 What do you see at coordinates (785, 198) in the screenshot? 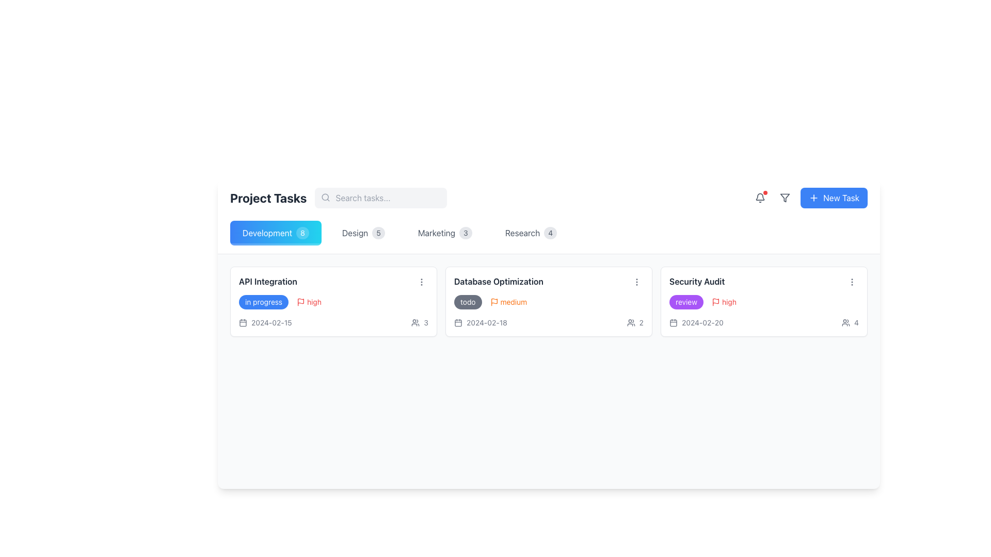
I see `the filter icon, which is a funnel-shaped element located in the upper-right corner of the interface` at bounding box center [785, 198].